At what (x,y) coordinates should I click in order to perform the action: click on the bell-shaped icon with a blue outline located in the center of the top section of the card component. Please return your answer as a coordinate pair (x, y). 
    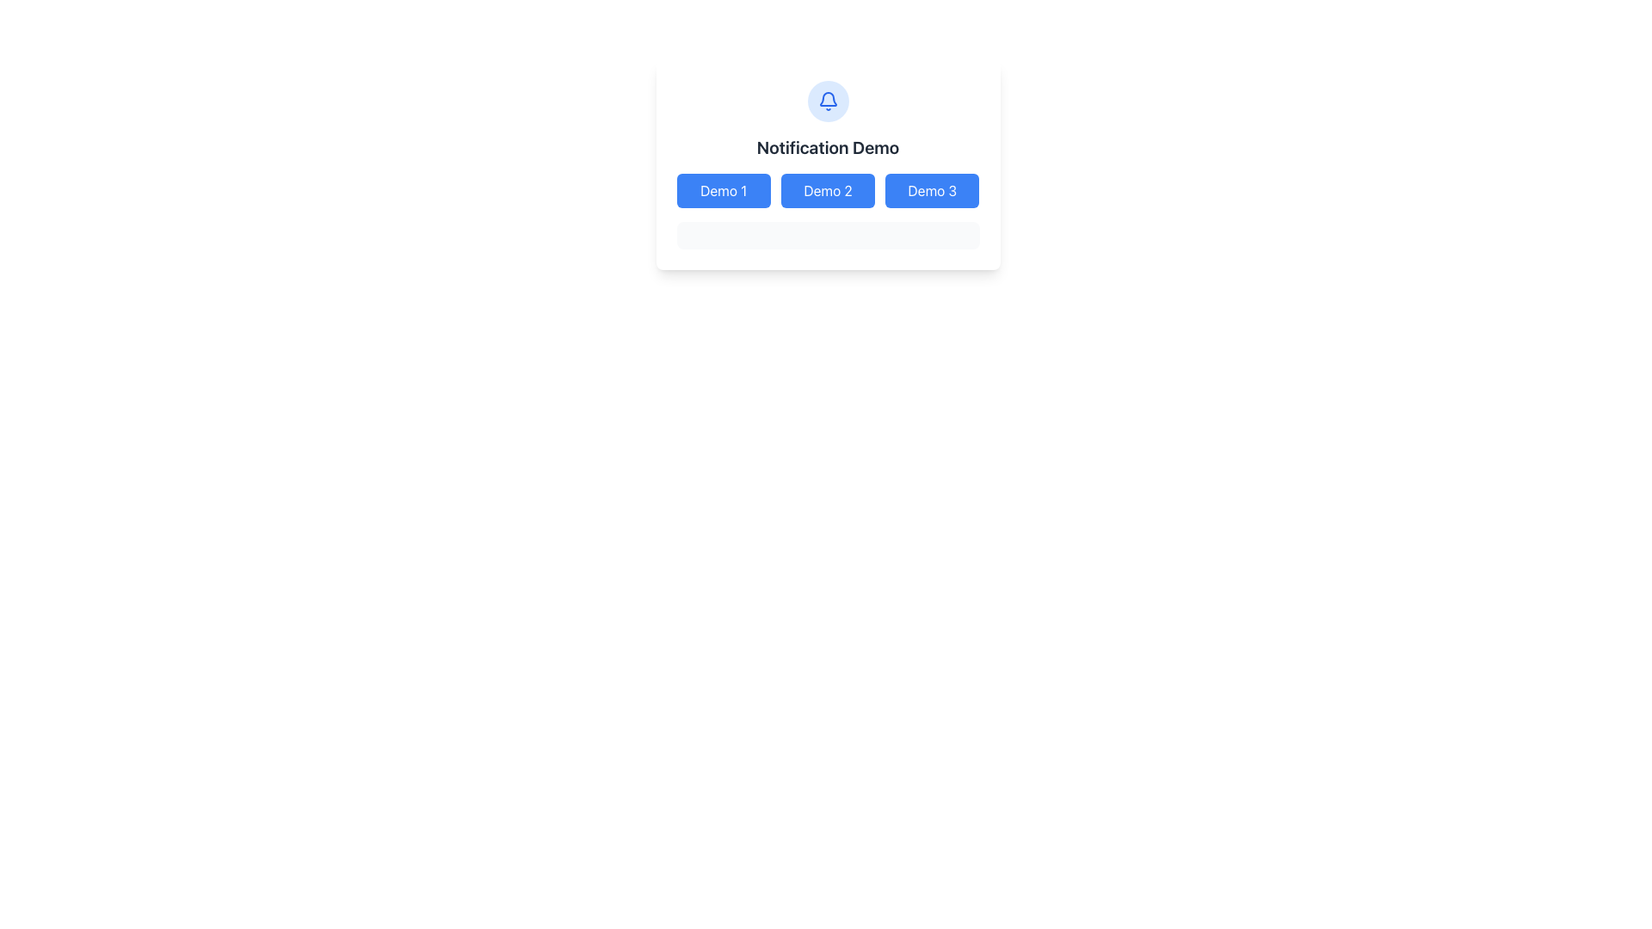
    Looking at the image, I should click on (828, 102).